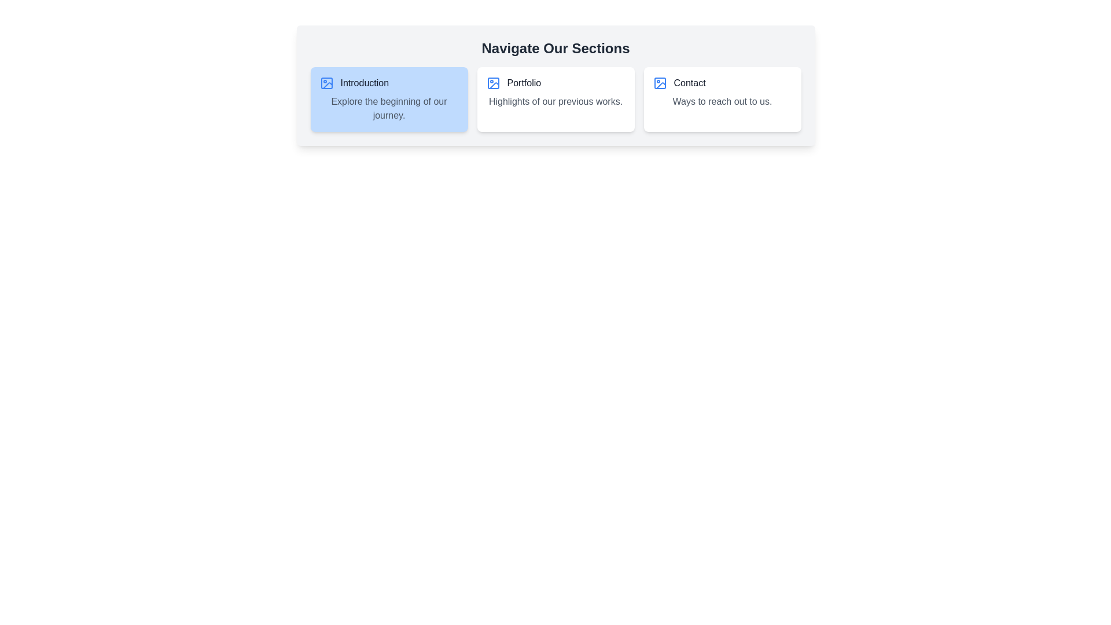 This screenshot has height=625, width=1111. I want to click on text label that provides a brief description or tagline associated with the 'Portfolio' section, located directly below the text 'Portfolio', so click(555, 101).